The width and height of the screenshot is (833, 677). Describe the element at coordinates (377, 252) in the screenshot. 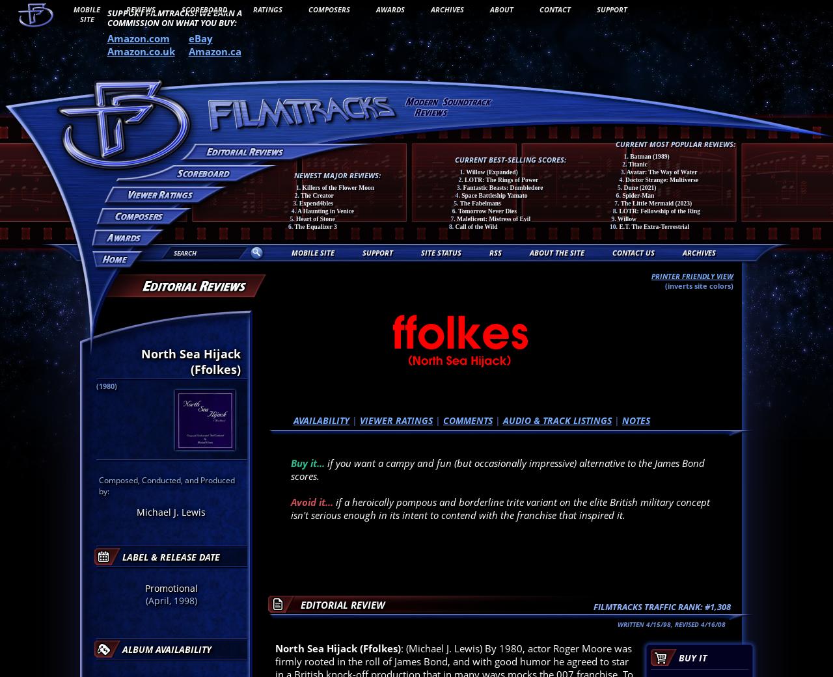

I see `'SUPPORT'` at that location.